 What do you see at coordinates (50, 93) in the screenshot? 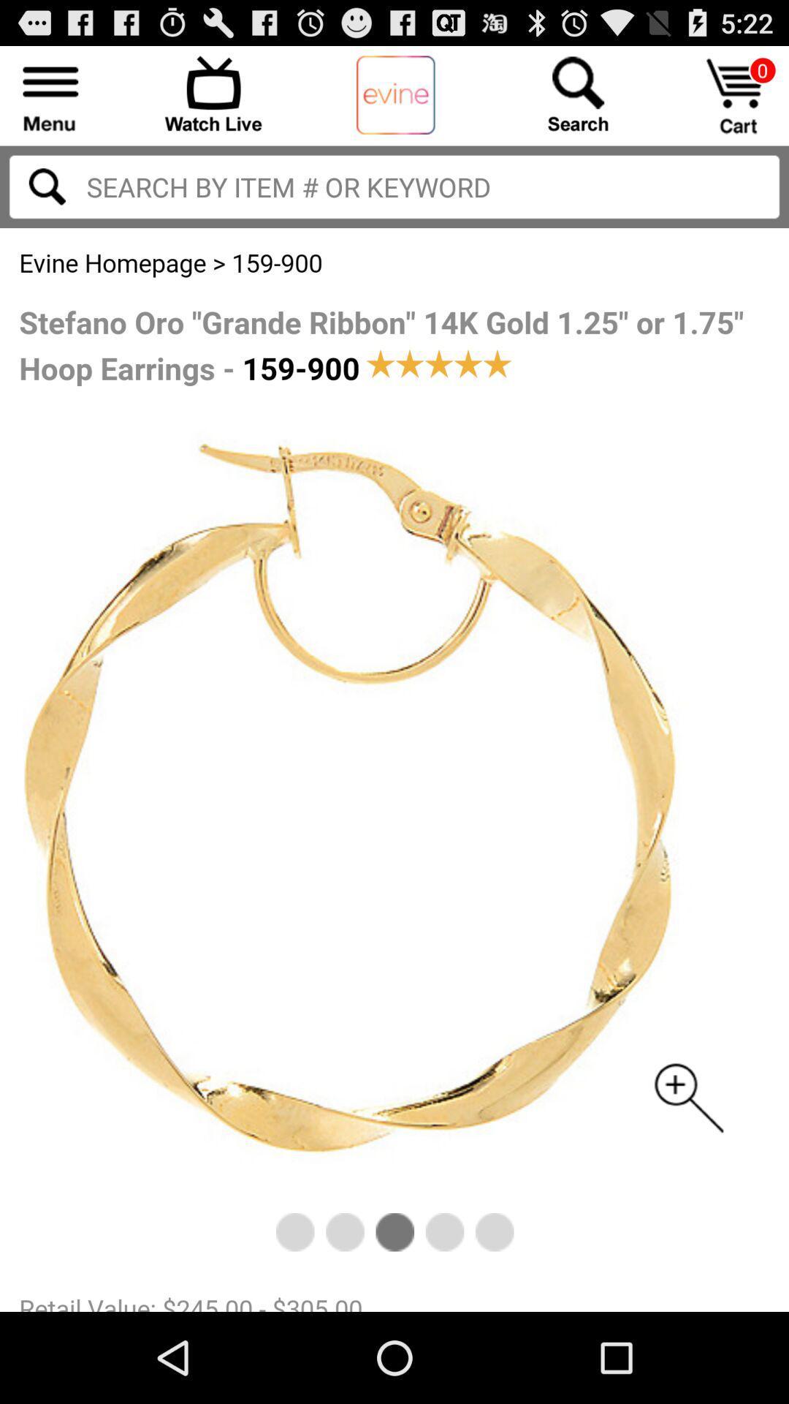
I see `menu dropdown` at bounding box center [50, 93].